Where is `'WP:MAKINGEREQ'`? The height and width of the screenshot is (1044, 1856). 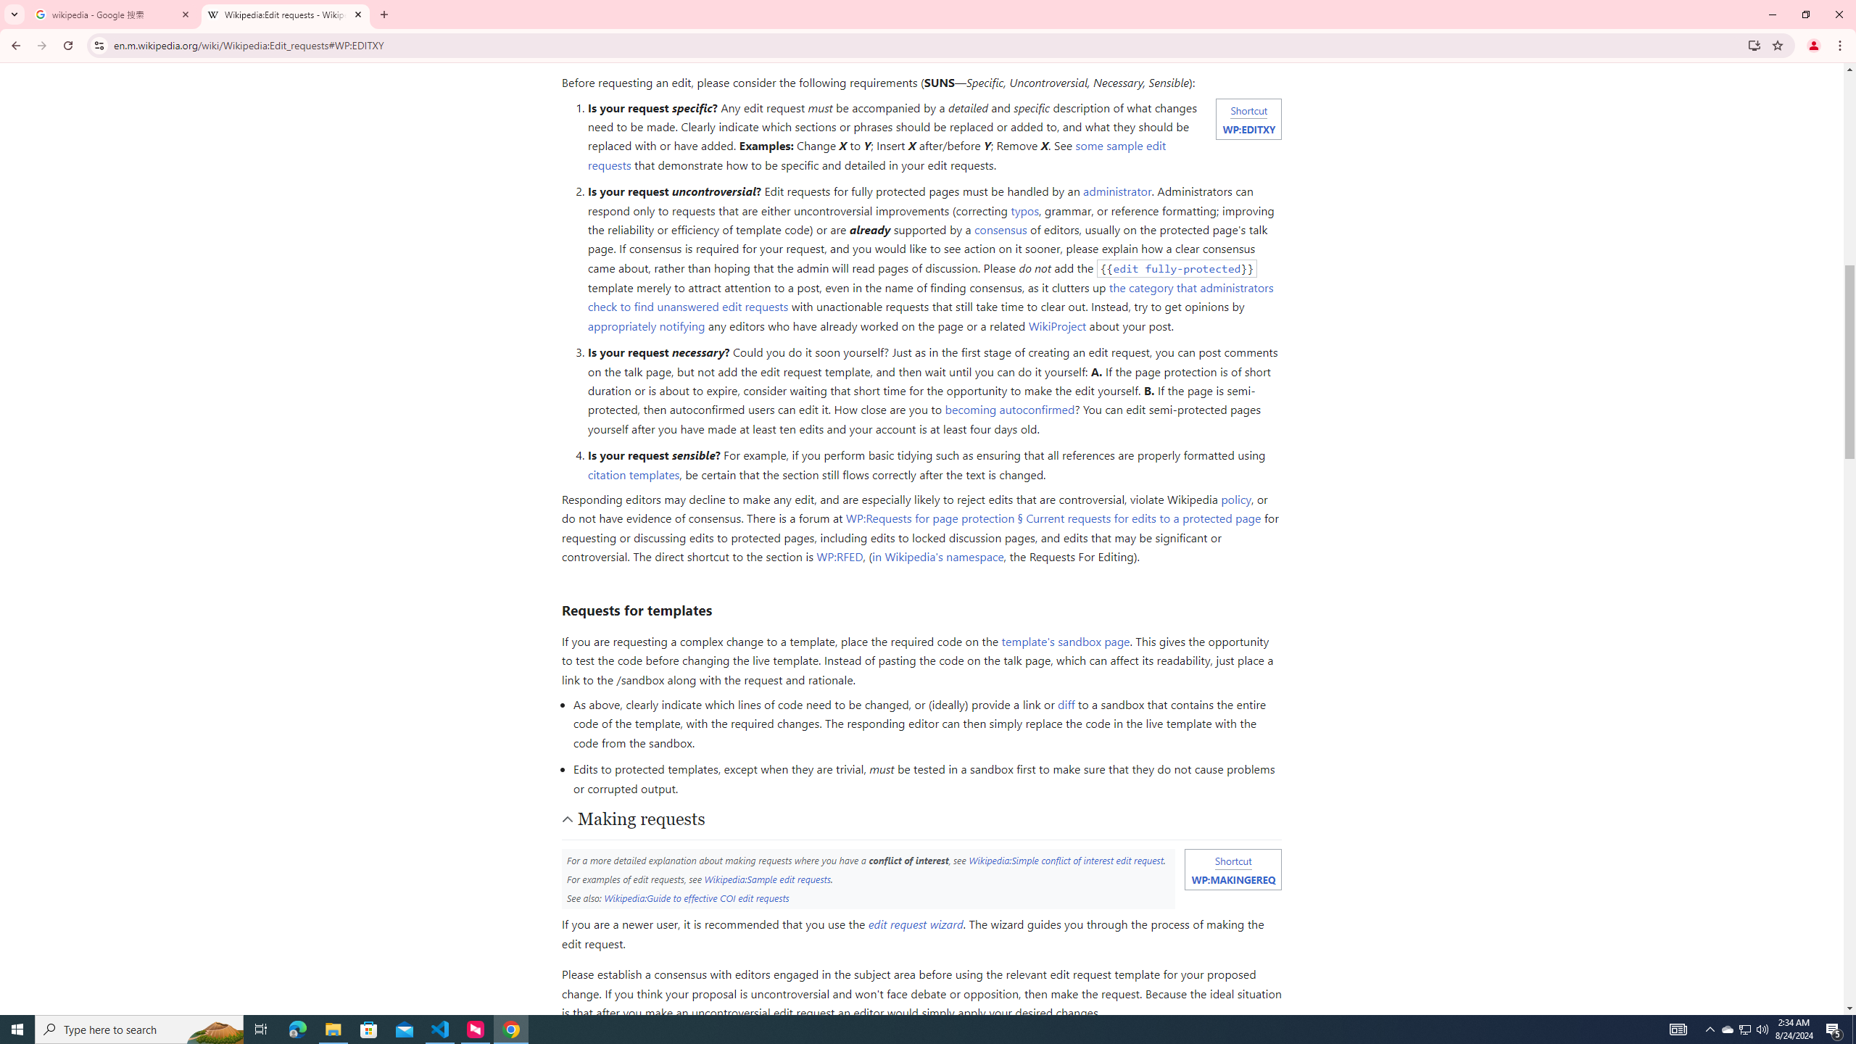
'WP:MAKINGEREQ' is located at coordinates (1232, 879).